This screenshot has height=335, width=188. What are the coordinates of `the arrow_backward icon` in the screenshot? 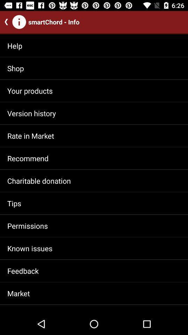 It's located at (5, 22).